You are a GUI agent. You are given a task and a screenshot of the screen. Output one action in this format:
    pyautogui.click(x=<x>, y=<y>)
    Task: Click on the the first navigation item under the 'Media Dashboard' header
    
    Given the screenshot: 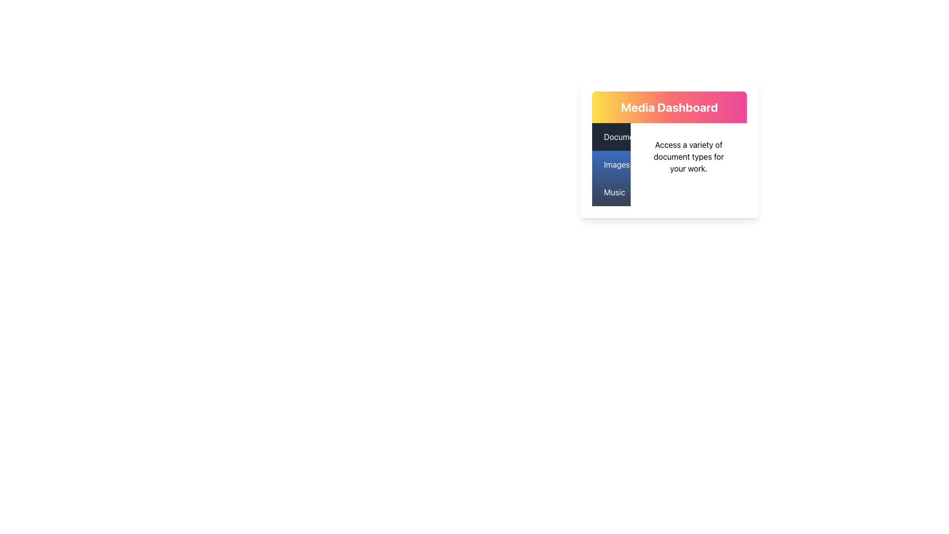 What is the action you would take?
    pyautogui.click(x=611, y=137)
    